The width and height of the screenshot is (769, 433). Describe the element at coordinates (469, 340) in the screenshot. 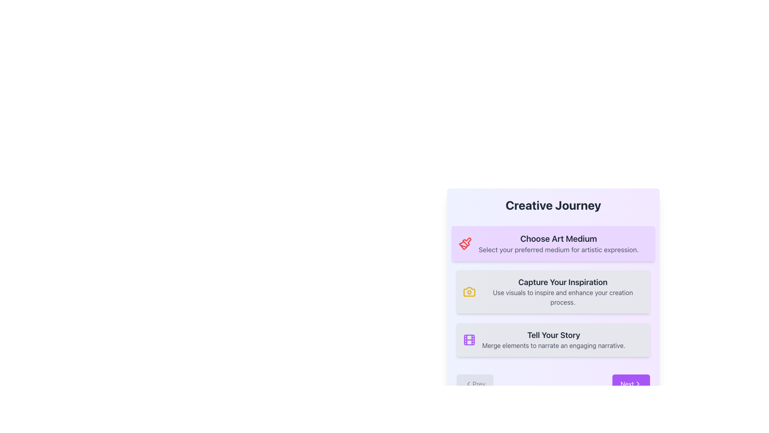

I see `the purple film strip icon located to the left of the 'Tell Your Story' text in the third option of the vertical list` at that location.